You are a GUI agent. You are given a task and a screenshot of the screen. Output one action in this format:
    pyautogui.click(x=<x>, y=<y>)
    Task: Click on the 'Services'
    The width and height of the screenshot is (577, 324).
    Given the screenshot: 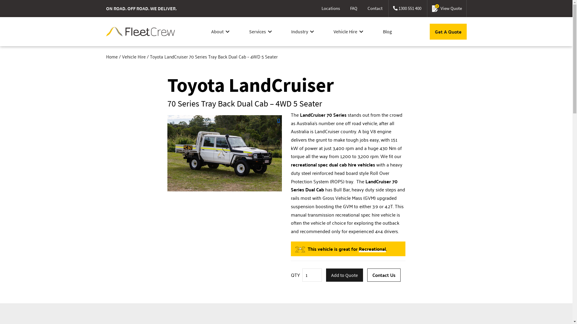 What is the action you would take?
    pyautogui.click(x=261, y=31)
    